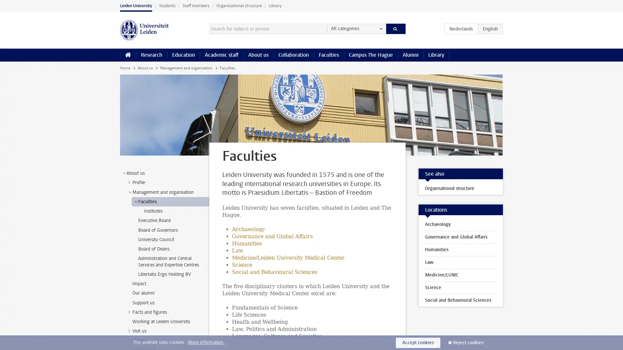  I want to click on >, so click(129, 311).